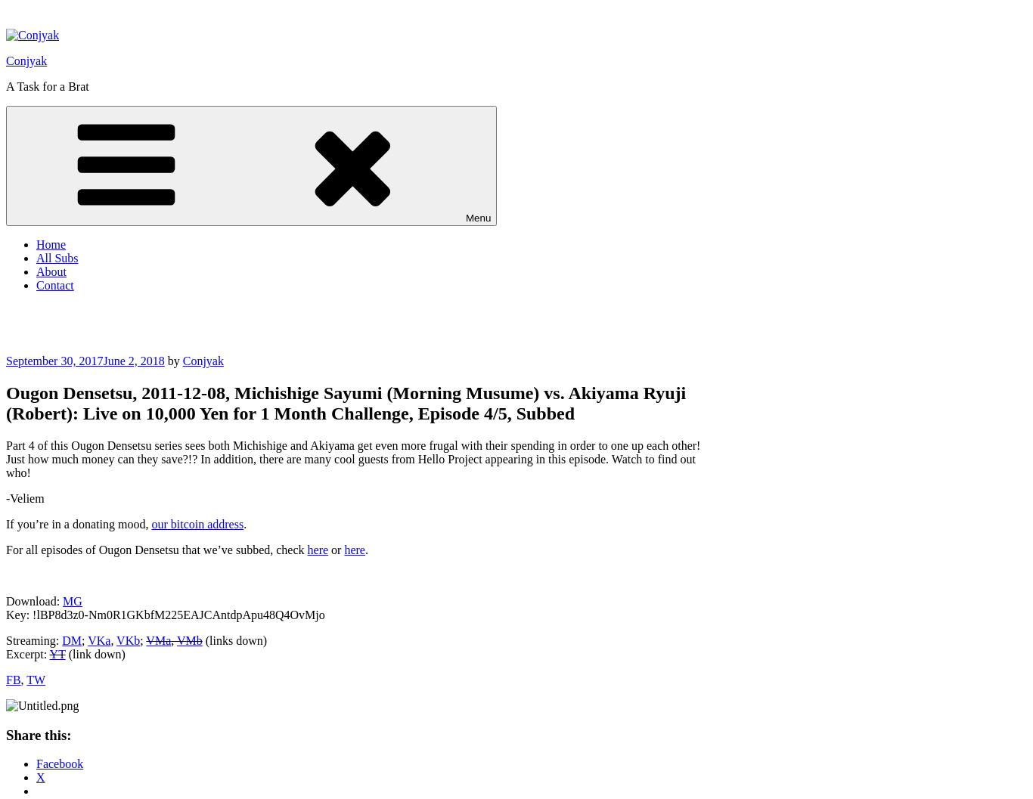  Describe the element at coordinates (47, 85) in the screenshot. I see `'A Task for a Brat'` at that location.